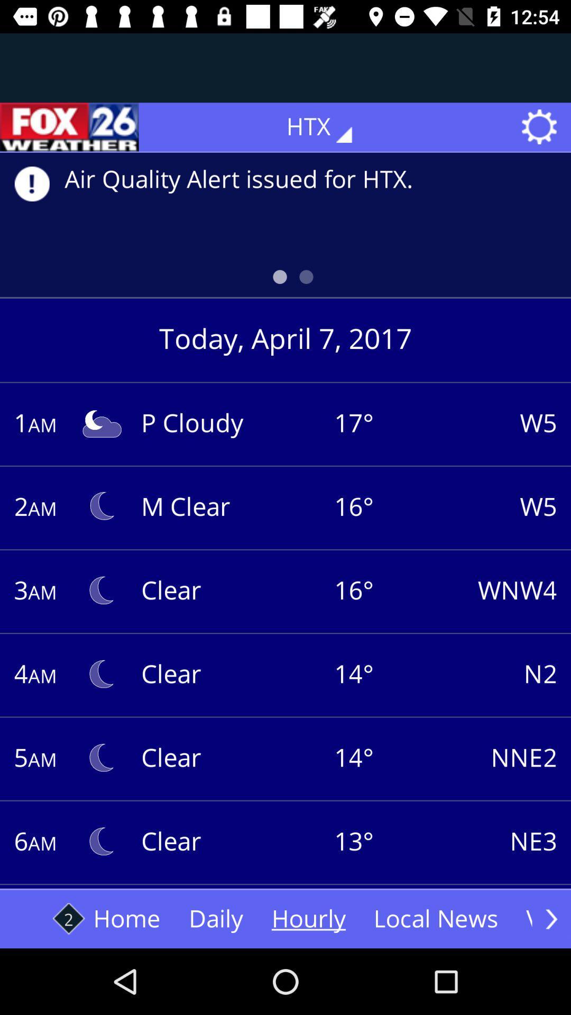  I want to click on the sliders icon, so click(69, 127).